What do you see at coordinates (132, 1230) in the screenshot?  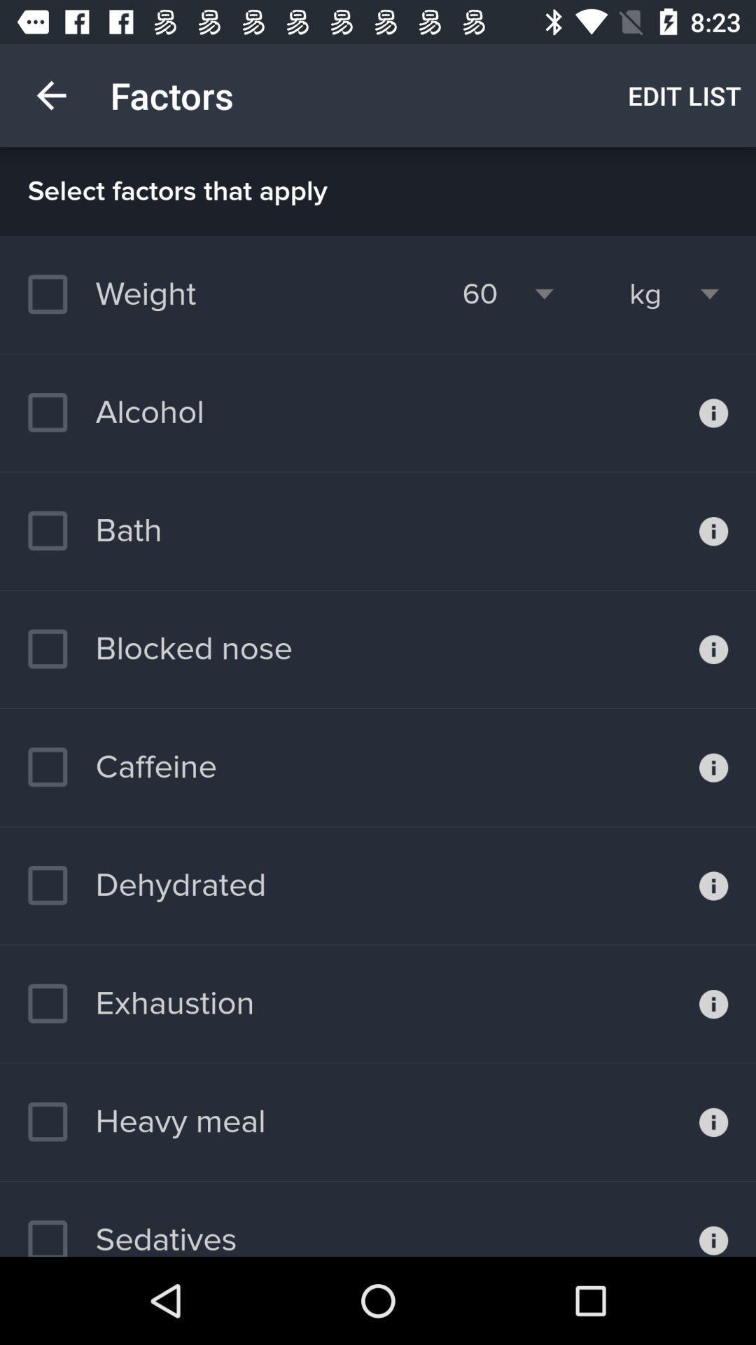 I see `the item below the heavy meal icon` at bounding box center [132, 1230].